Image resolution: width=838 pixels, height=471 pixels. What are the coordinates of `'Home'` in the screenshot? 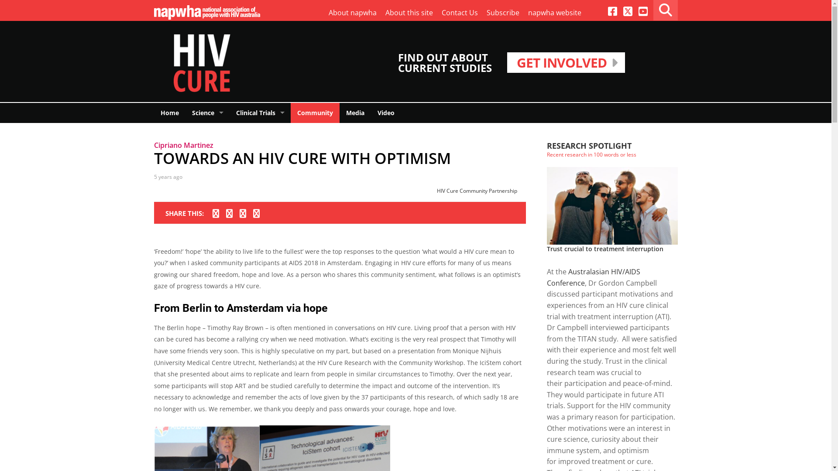 It's located at (153, 112).